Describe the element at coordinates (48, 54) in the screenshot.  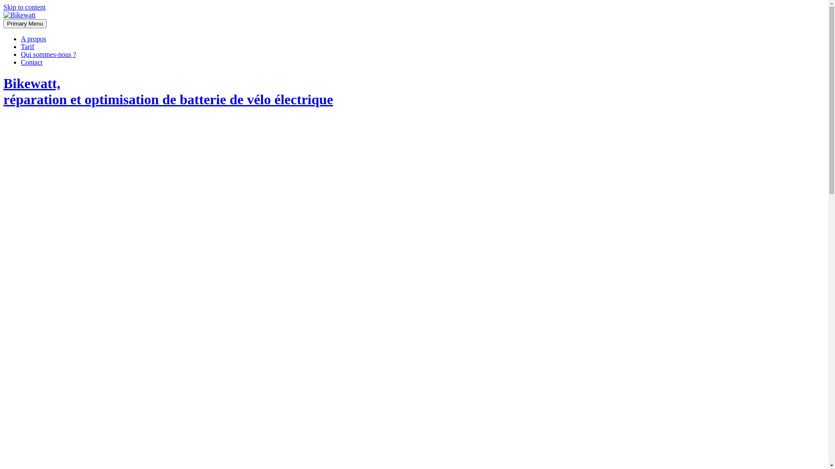
I see `'Qui sommes-nous ?'` at that location.